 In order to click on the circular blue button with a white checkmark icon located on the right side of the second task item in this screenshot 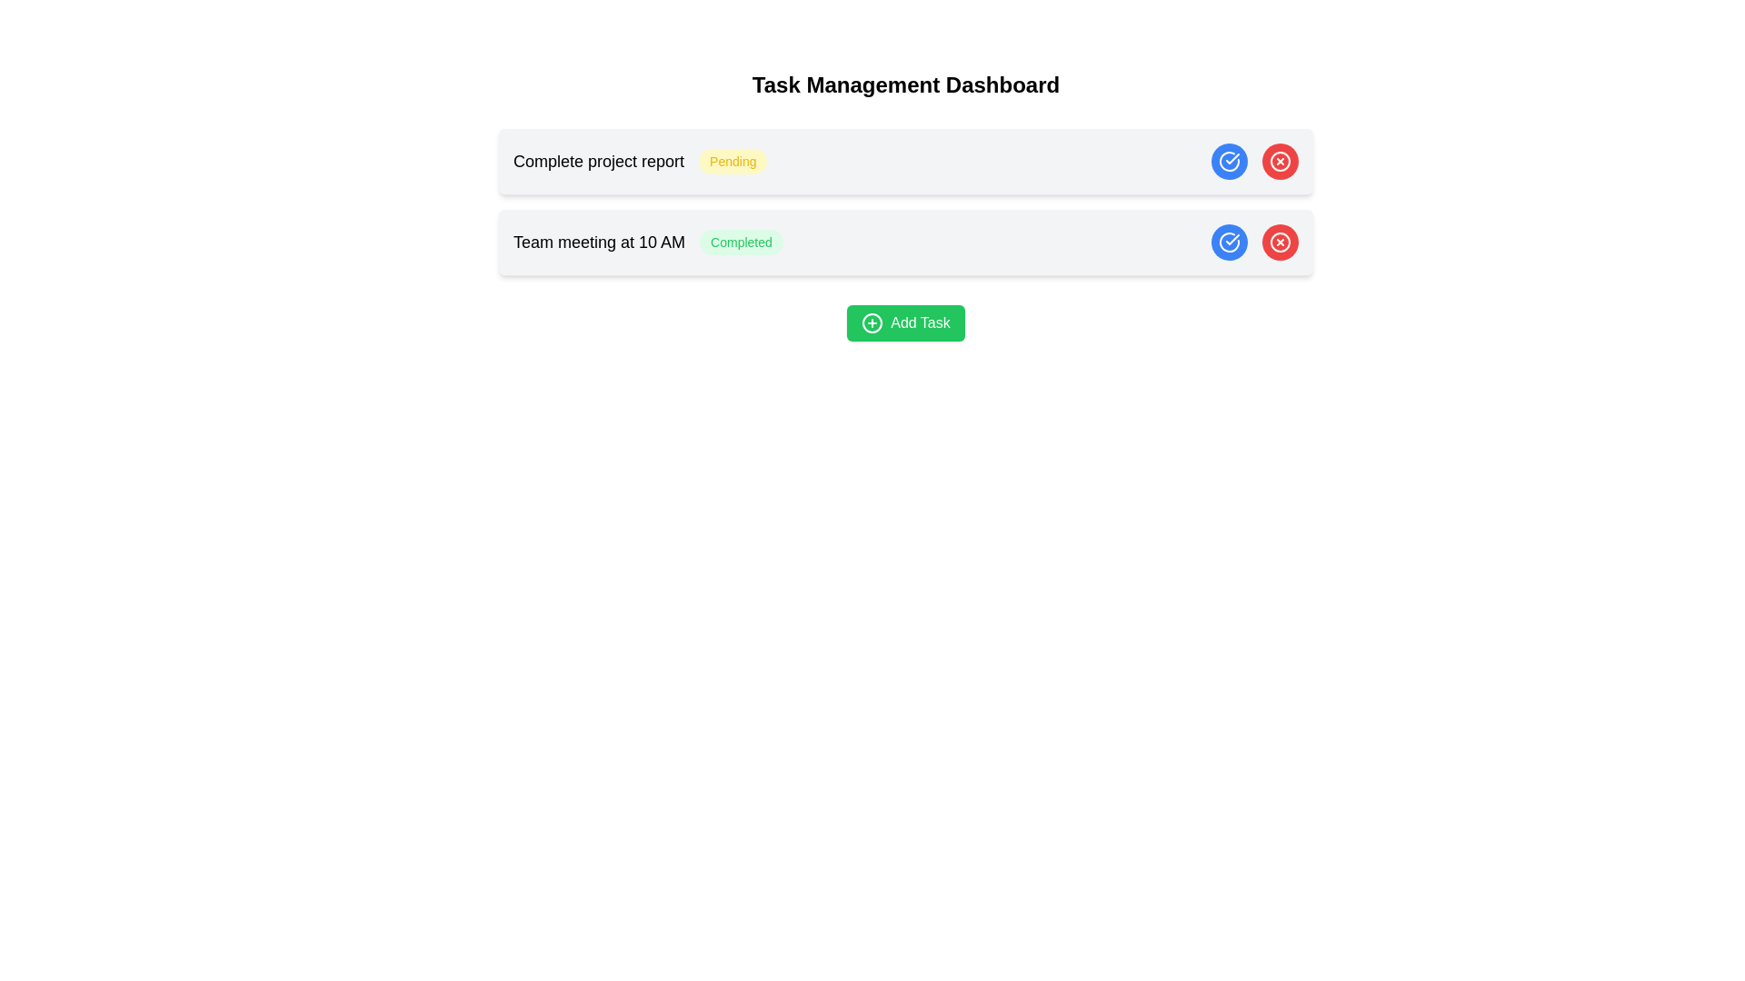, I will do `click(1230, 241)`.